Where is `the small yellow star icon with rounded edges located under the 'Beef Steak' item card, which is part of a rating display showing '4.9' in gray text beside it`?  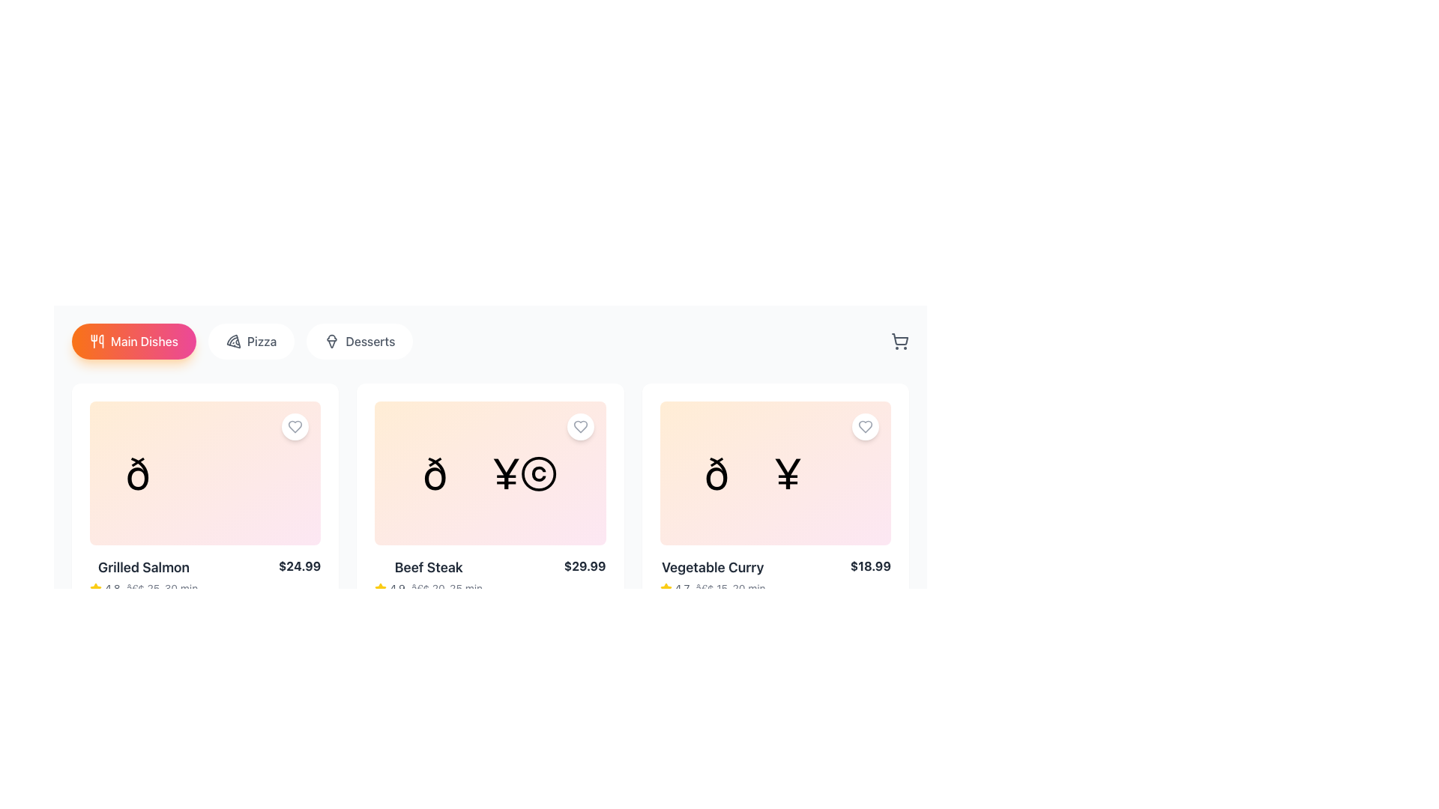
the small yellow star icon with rounded edges located under the 'Beef Steak' item card, which is part of a rating display showing '4.9' in gray text beside it is located at coordinates (381, 588).